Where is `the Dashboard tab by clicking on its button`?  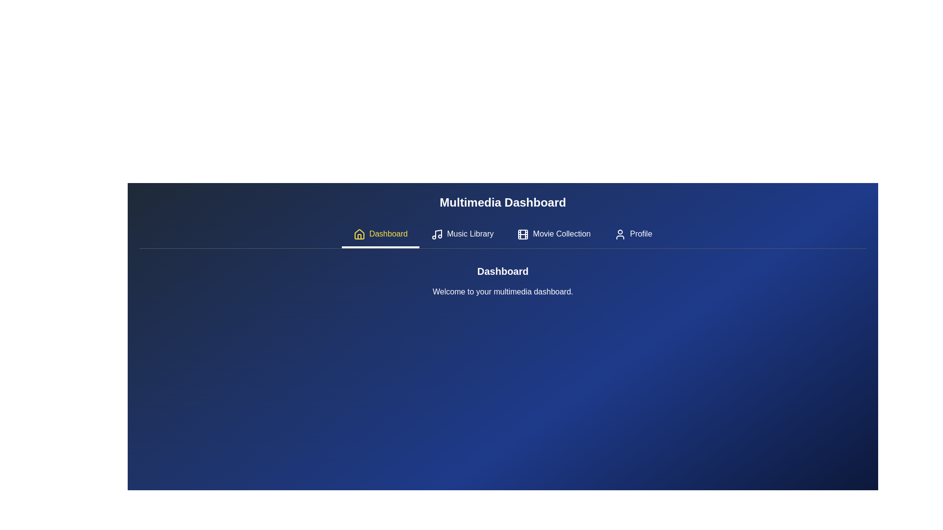 the Dashboard tab by clicking on its button is located at coordinates (380, 235).